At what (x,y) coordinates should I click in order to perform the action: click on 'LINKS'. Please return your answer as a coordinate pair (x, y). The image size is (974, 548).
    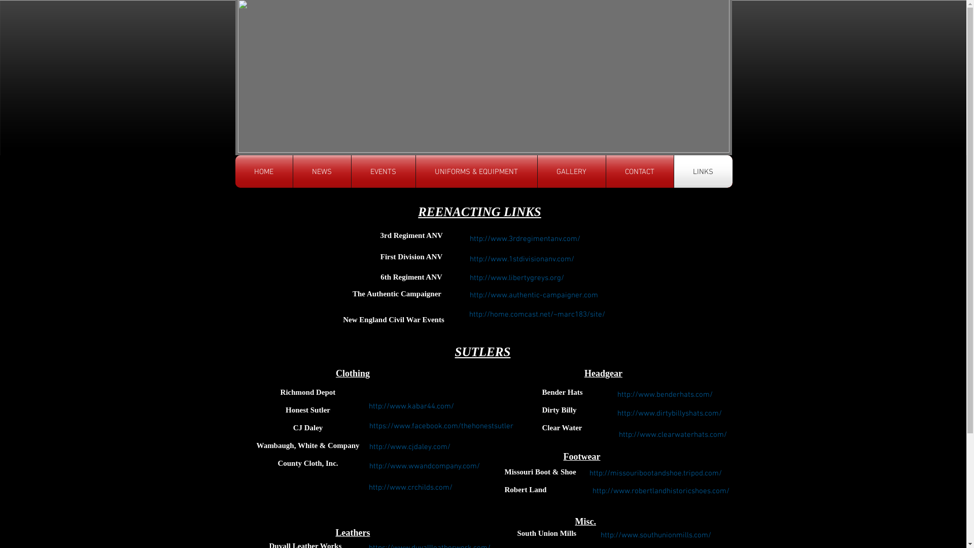
    Looking at the image, I should click on (702, 171).